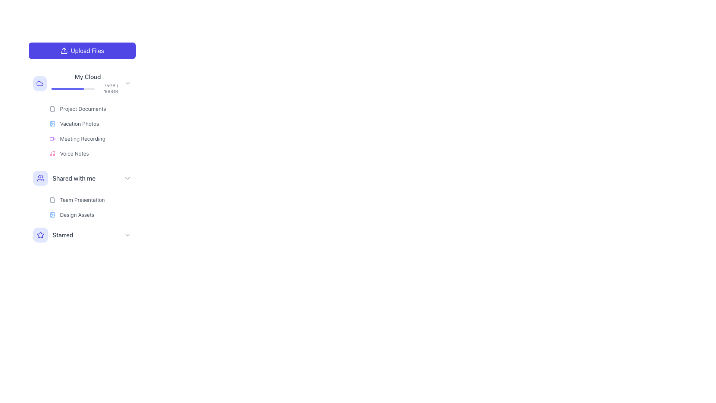 This screenshot has width=716, height=403. Describe the element at coordinates (91, 200) in the screenshot. I see `the file list item representing the shared file 'Team Presentation' in the 'Shared with me' section for additional details` at that location.